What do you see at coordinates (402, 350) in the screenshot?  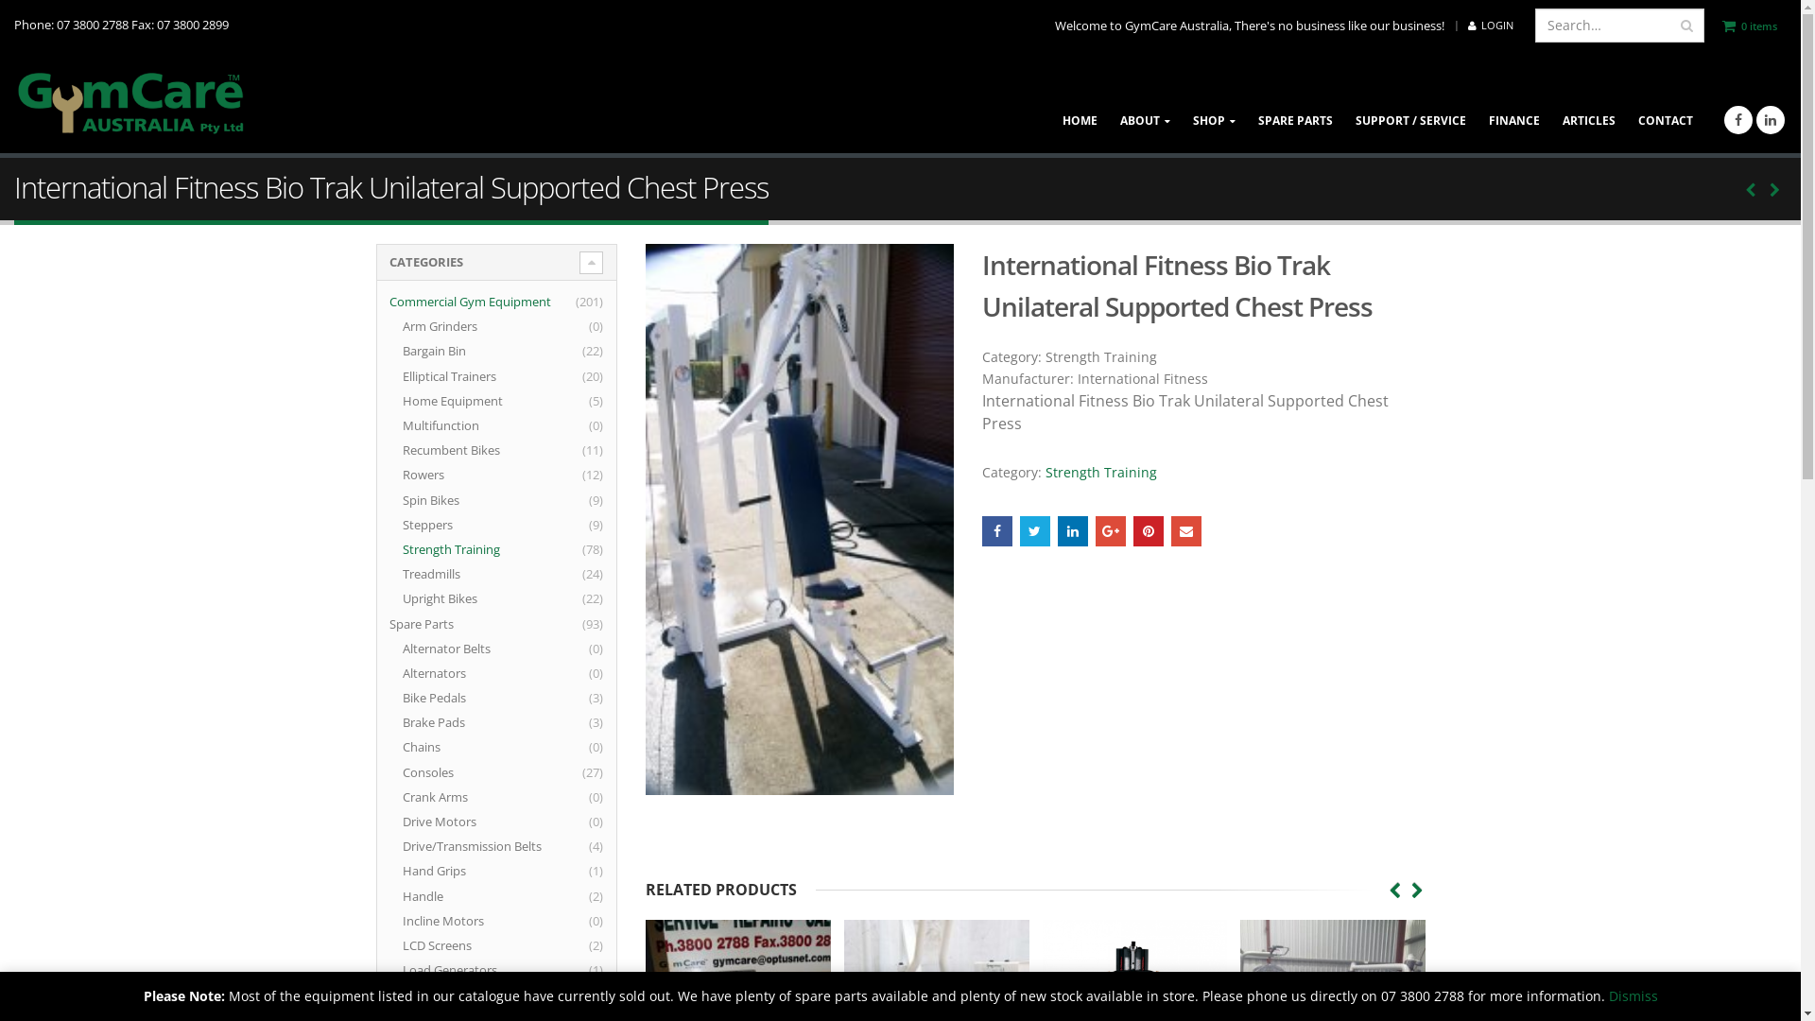 I see `'Bargain Bin'` at bounding box center [402, 350].